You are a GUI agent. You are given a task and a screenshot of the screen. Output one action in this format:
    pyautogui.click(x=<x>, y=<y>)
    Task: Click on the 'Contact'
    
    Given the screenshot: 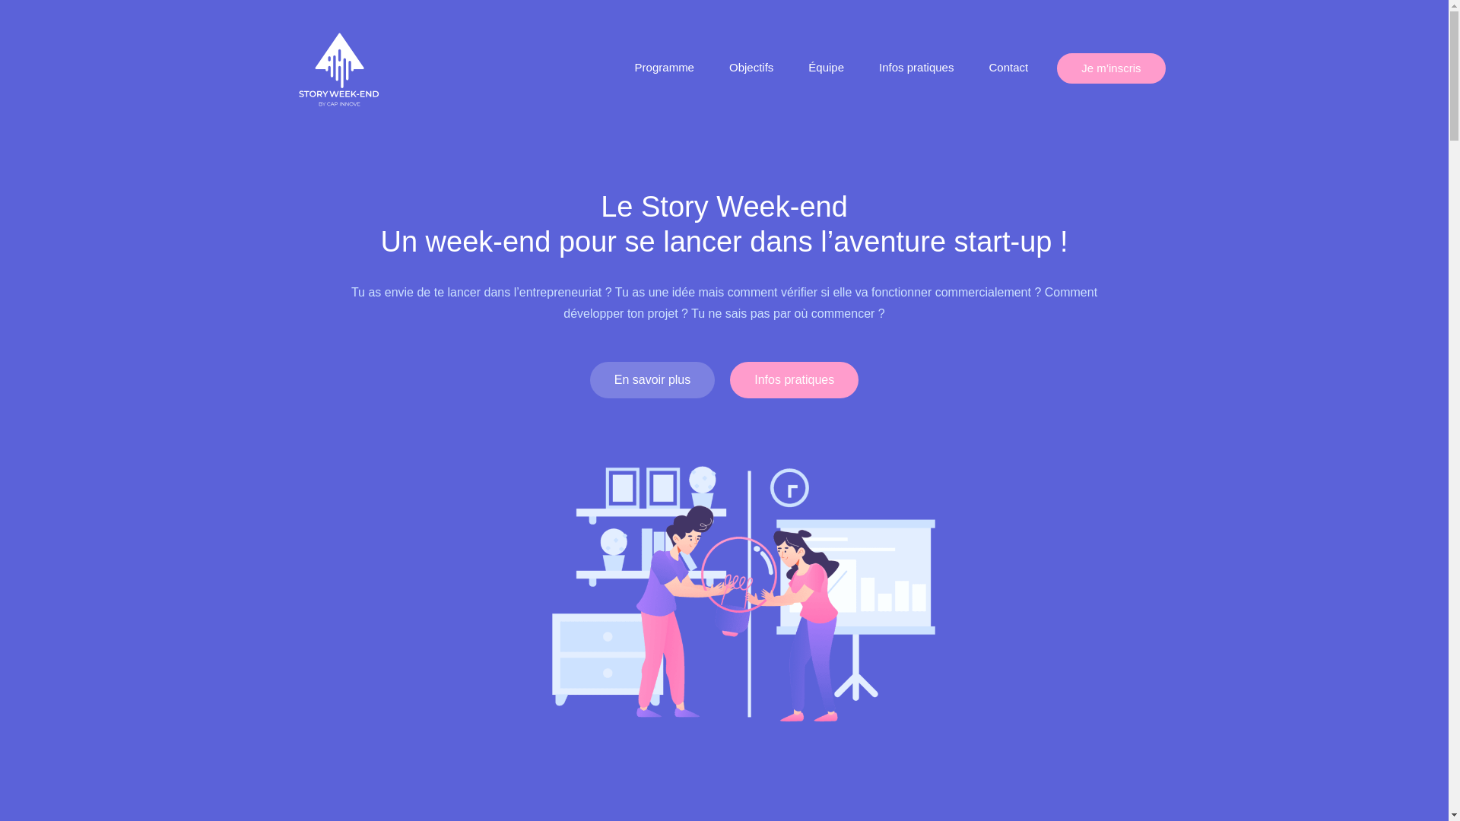 What is the action you would take?
    pyautogui.click(x=1008, y=67)
    